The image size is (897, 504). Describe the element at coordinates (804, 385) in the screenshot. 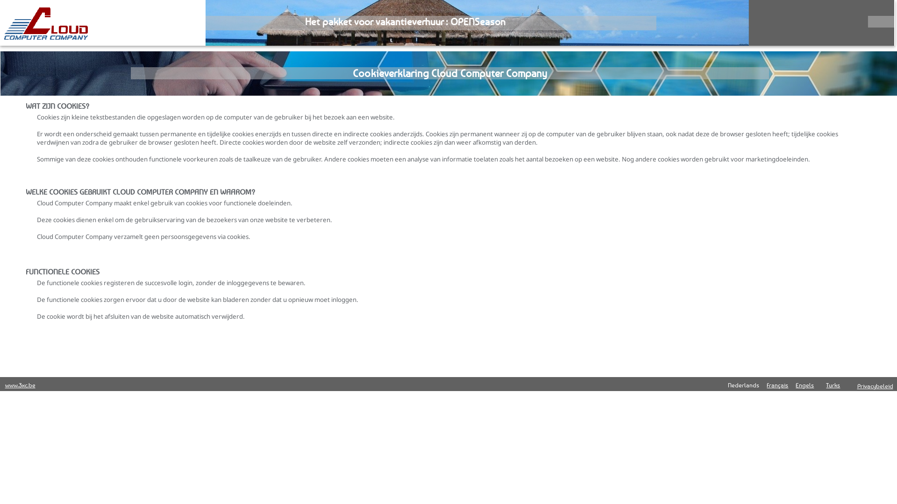

I see `'Engels'` at that location.